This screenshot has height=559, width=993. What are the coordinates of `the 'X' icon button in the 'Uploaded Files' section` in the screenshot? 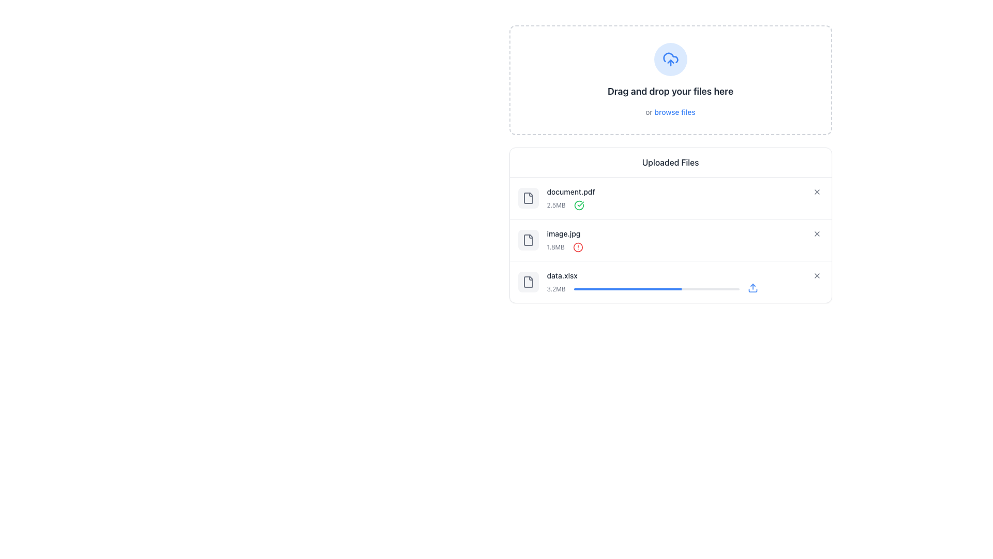 It's located at (816, 275).